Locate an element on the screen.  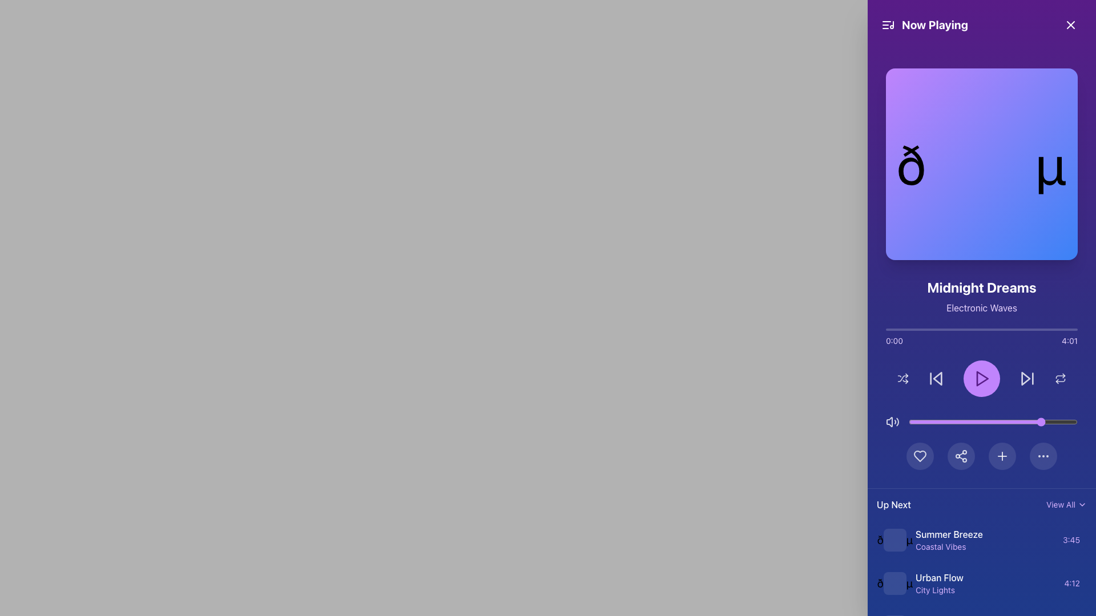
the 'Urban Flow' text label element is located at coordinates (985, 583).